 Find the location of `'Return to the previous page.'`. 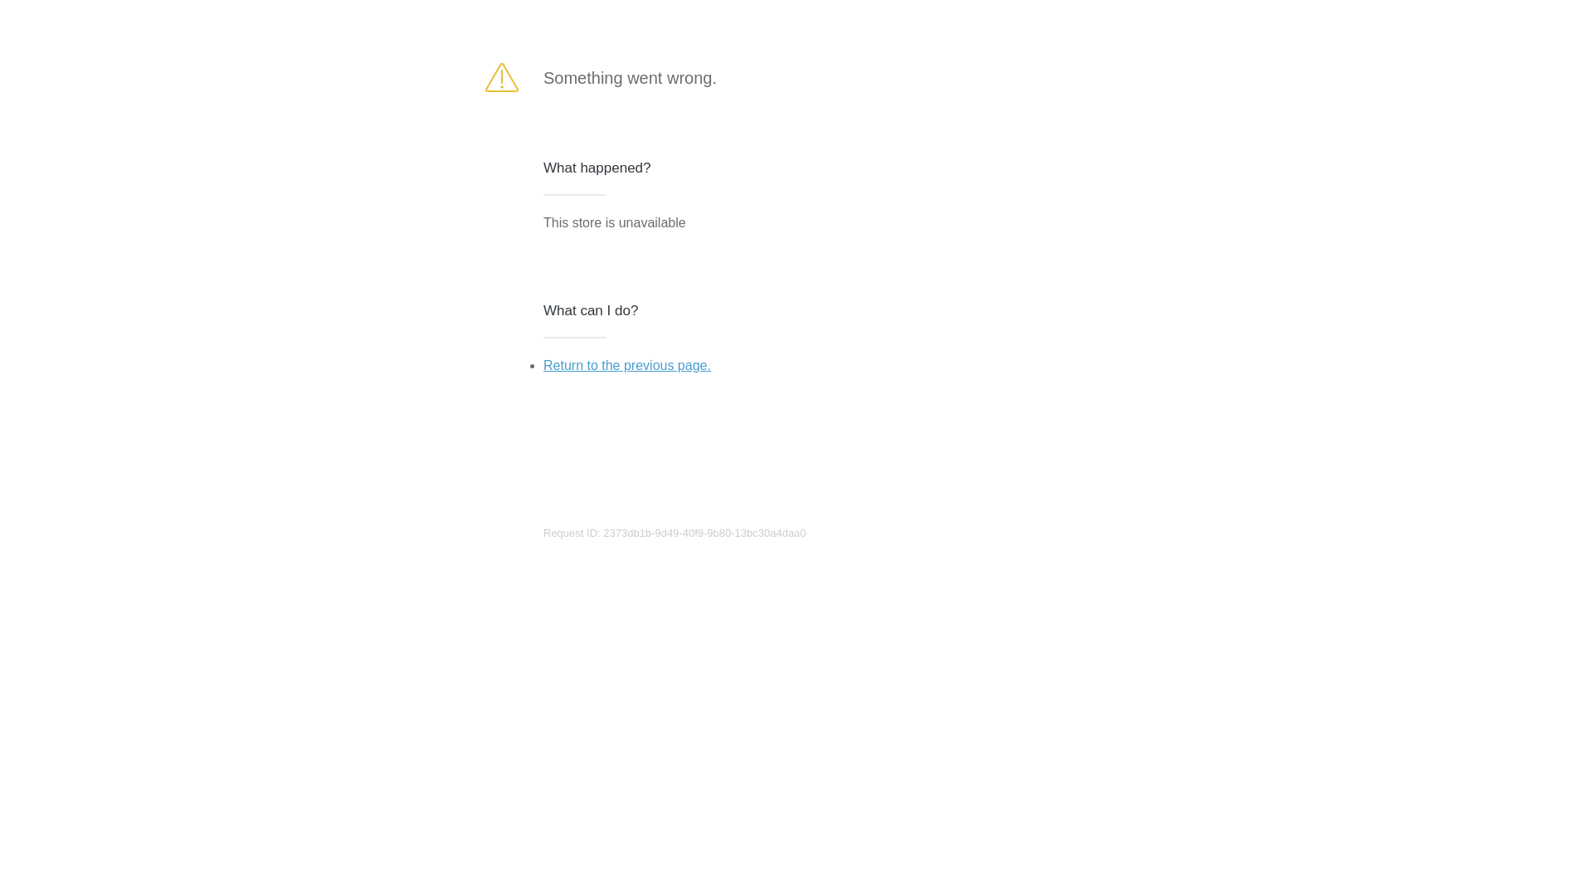

'Return to the previous page.' is located at coordinates (626, 364).